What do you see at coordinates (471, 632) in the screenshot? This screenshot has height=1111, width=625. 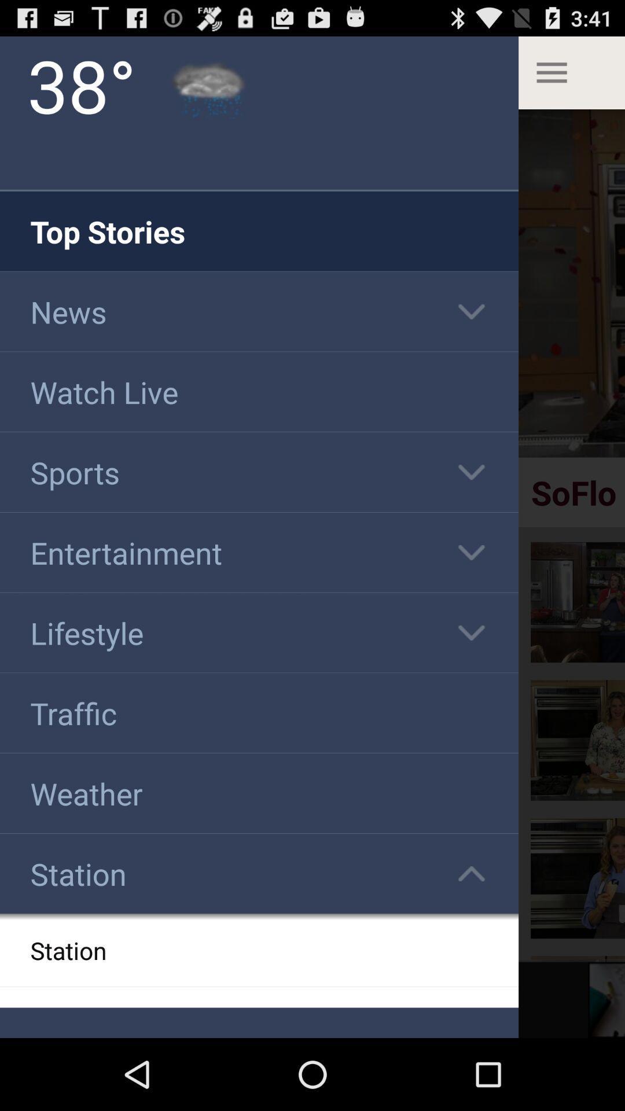 I see `the down arrow button beside lifestyle` at bounding box center [471, 632].